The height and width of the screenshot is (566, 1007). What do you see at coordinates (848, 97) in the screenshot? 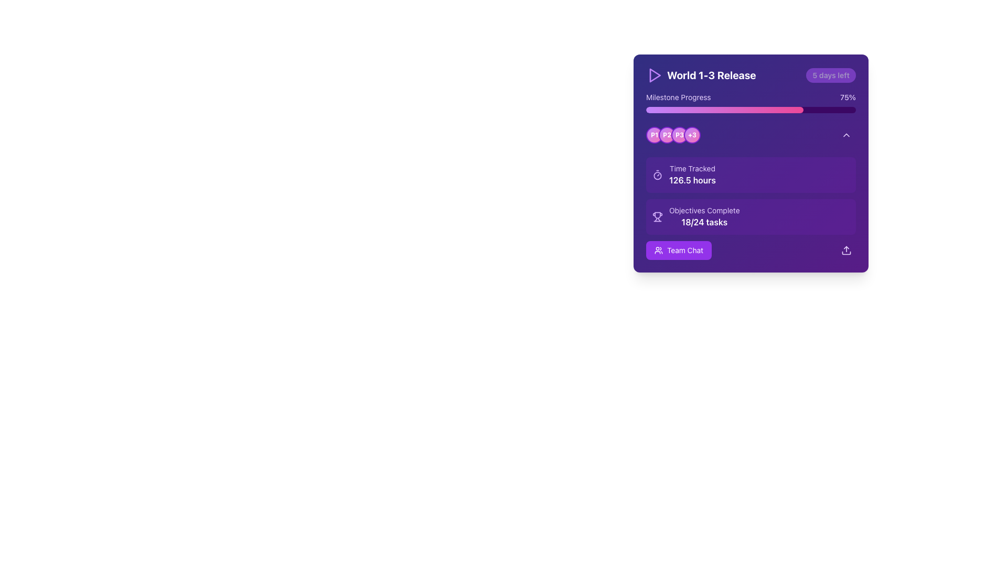
I see `the static label displaying '75%' which is right-aligned next to the 'Milestone Progress' label, located within a dark purple background box` at bounding box center [848, 97].